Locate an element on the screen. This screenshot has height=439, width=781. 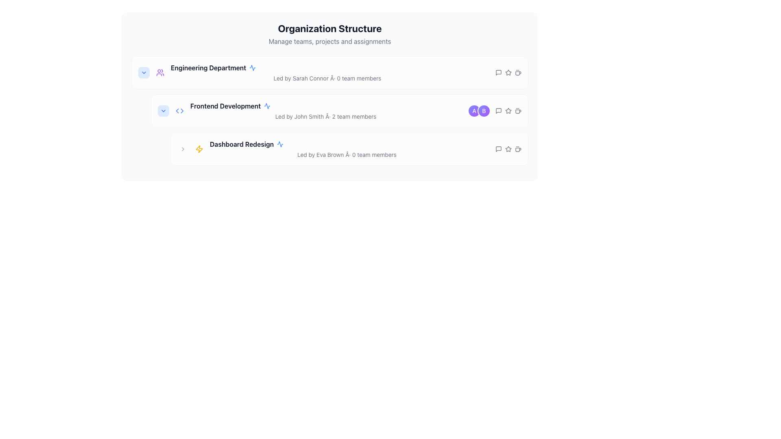
the static text element that provides additional context beneath the 'Organization Structure' header is located at coordinates (330, 41).